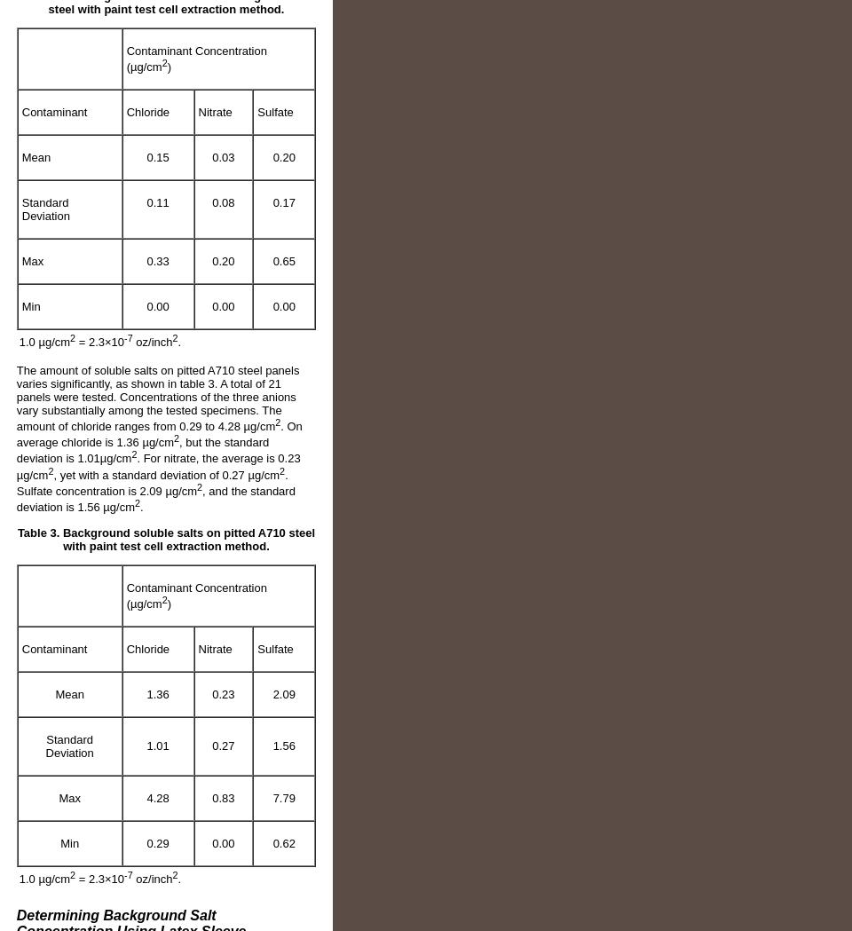 The height and width of the screenshot is (931, 852). Describe the element at coordinates (14, 465) in the screenshot. I see `'. For nitrate, the average is 0.23 µg/cm'` at that location.